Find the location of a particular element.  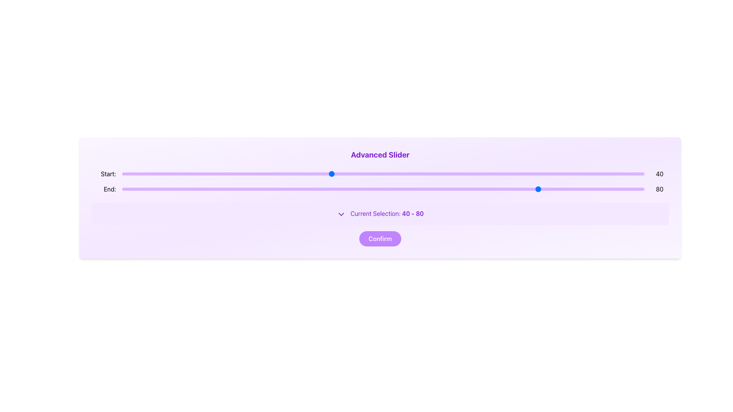

the slider value is located at coordinates (310, 189).